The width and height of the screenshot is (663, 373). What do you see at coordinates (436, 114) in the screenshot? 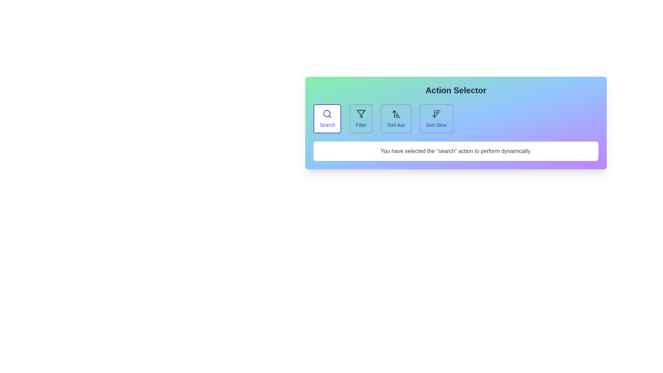
I see `the 'Sort in Descending Order' icon located within the fourth button labeled 'Sort Desc'` at bounding box center [436, 114].